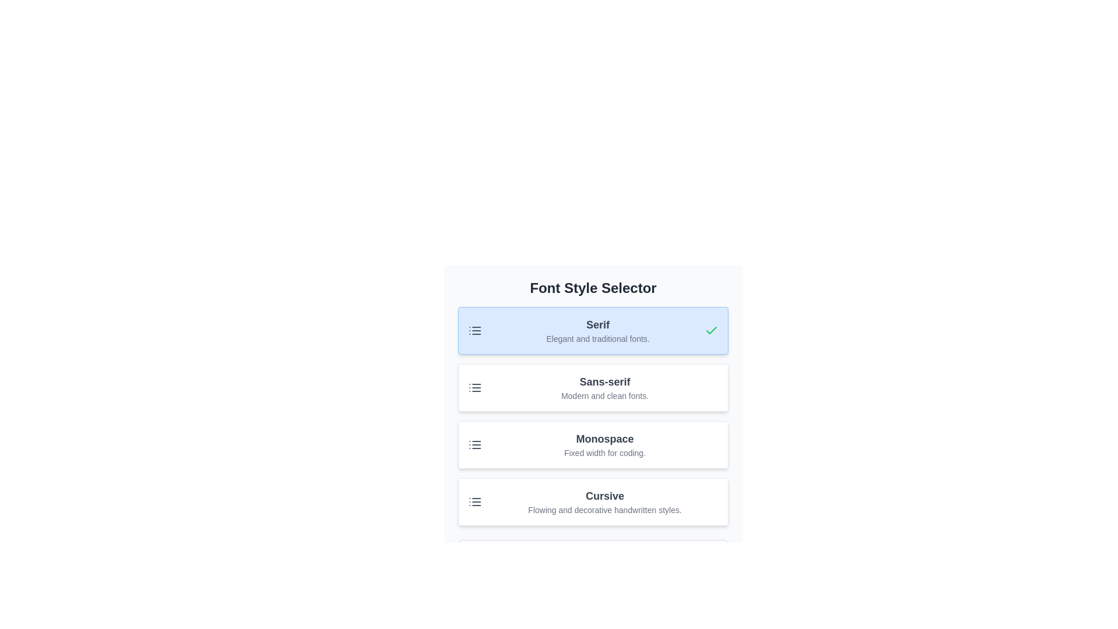 The height and width of the screenshot is (629, 1118). Describe the element at coordinates (598, 339) in the screenshot. I see `the Text Label that provides a brief description of the 'Serif' font style, located under the 'Font Style Selector' heading` at that location.